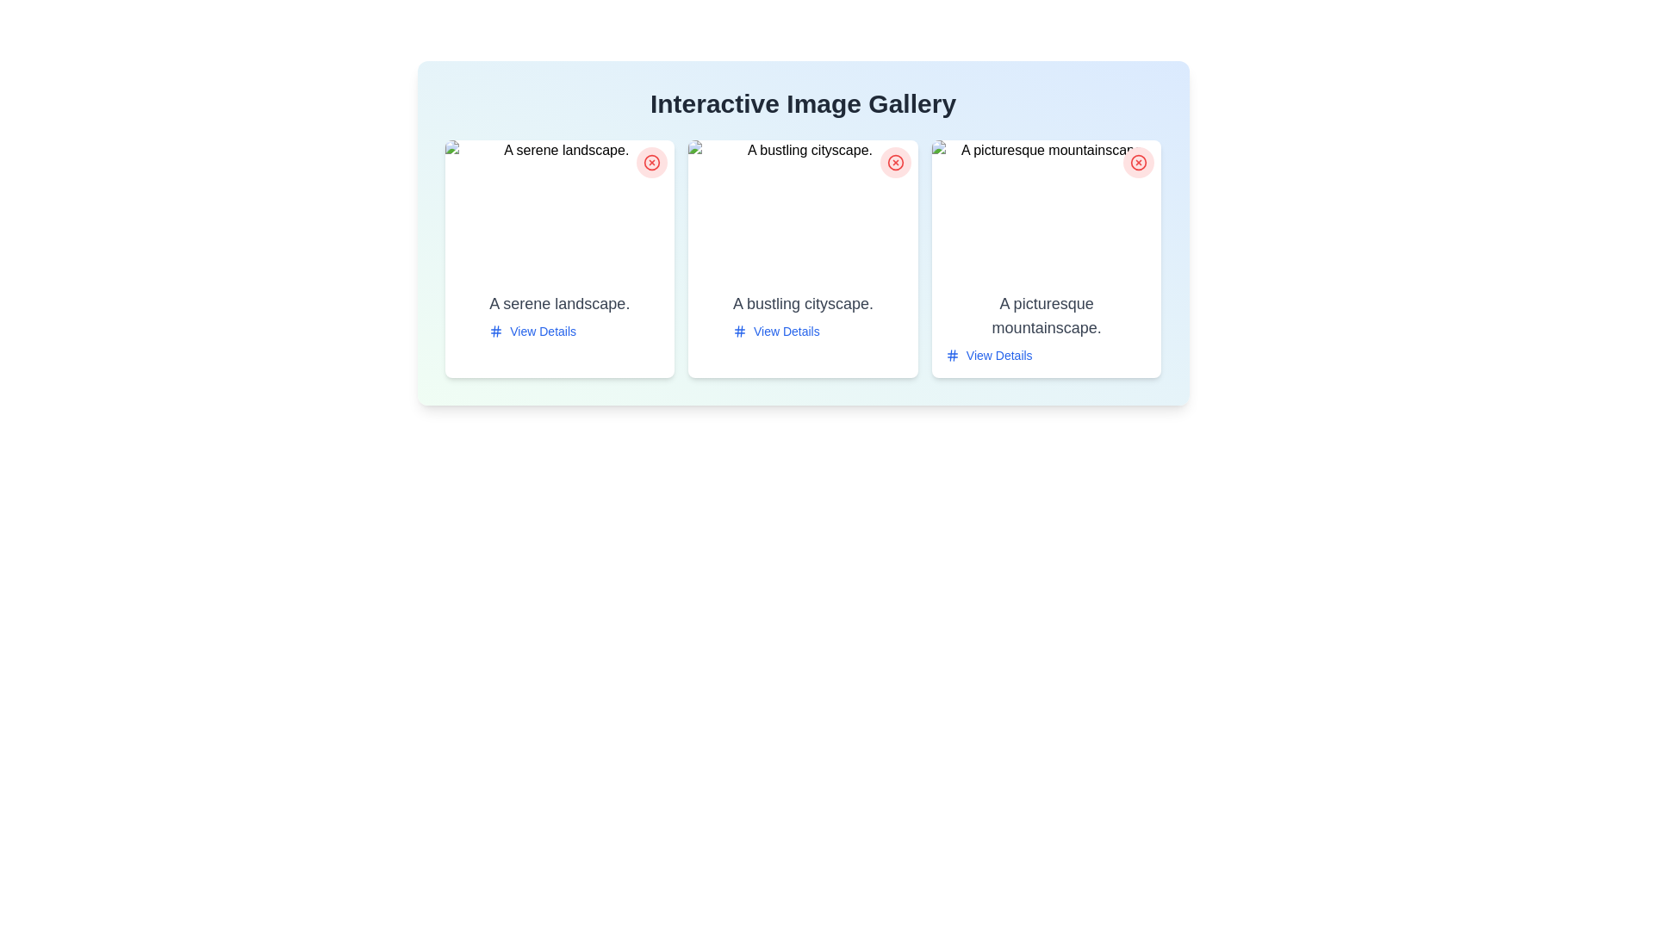 The width and height of the screenshot is (1654, 930). Describe the element at coordinates (775, 332) in the screenshot. I see `the 'View Details' link for the image with description 'A bustling cityscape.'` at that location.